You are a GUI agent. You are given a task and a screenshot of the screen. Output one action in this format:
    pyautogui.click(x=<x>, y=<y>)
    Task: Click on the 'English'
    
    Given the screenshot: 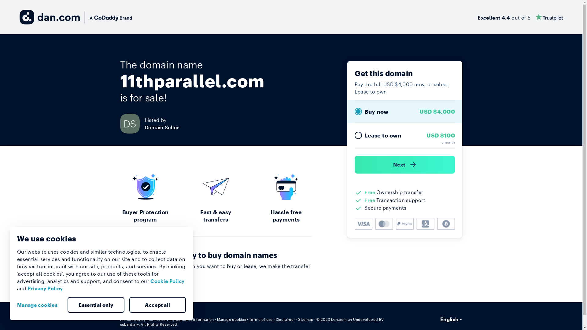 What is the action you would take?
    pyautogui.click(x=451, y=319)
    